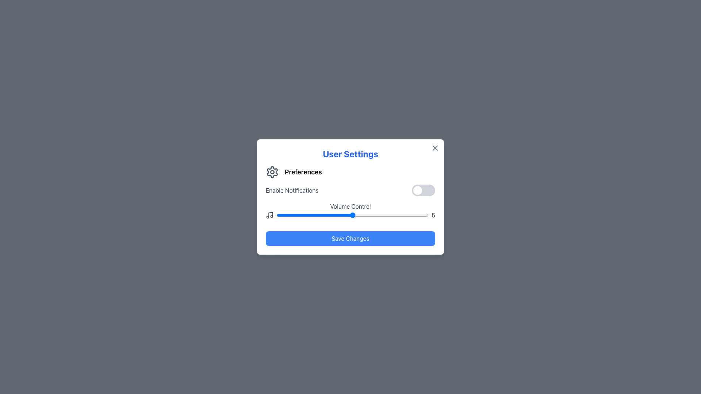  I want to click on the volume, so click(352, 215).